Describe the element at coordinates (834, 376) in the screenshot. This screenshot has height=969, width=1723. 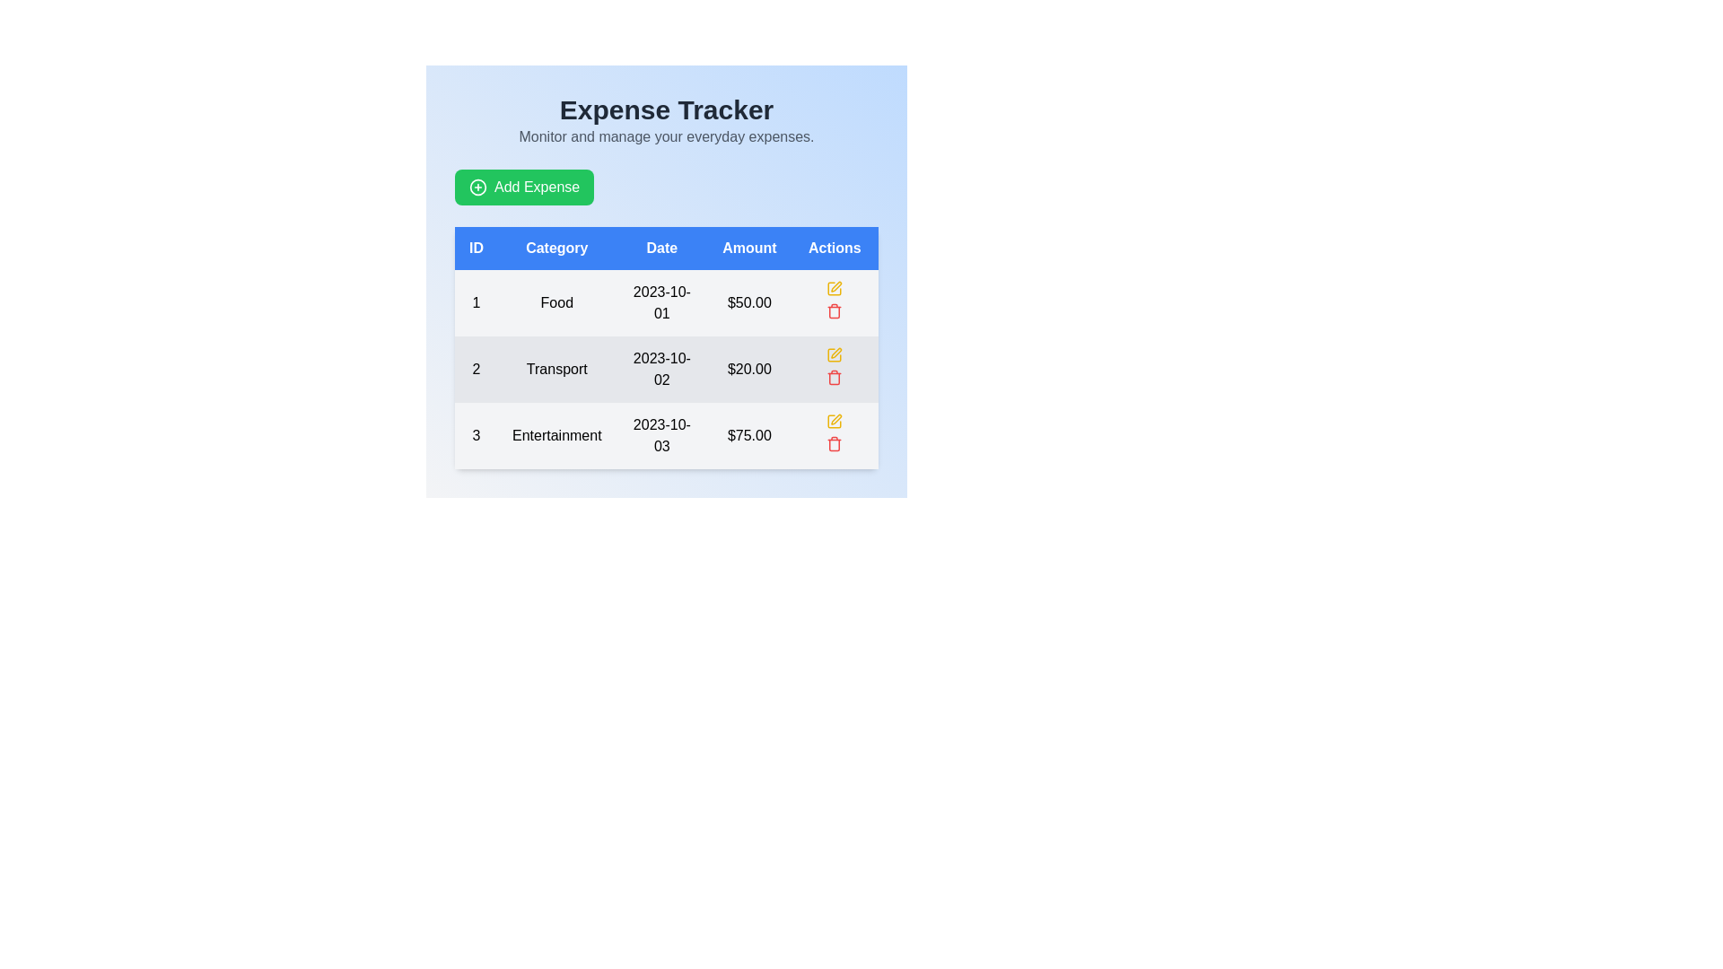
I see `the trash can icon in the second row of the table under the 'Actions' column to initiate the deletion process for the listed 'Transport' entry` at that location.